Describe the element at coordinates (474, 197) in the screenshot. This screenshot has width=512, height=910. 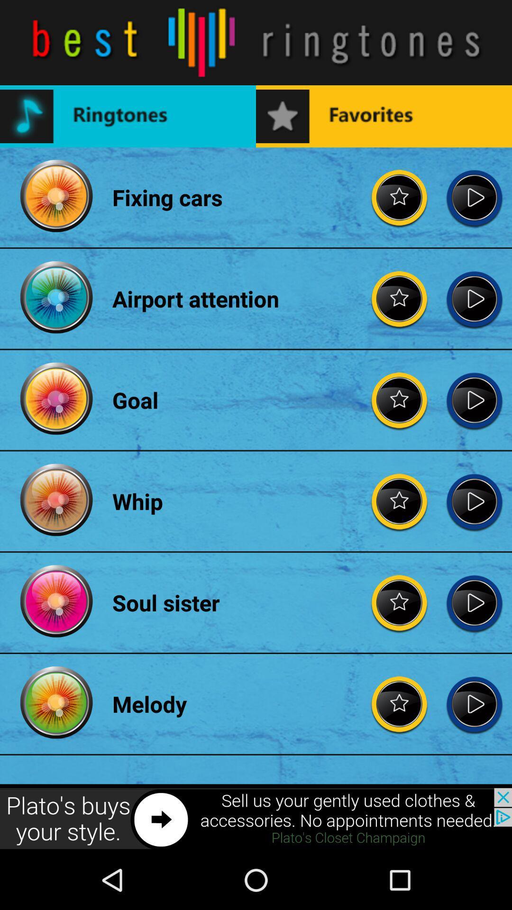
I see `go next` at that location.